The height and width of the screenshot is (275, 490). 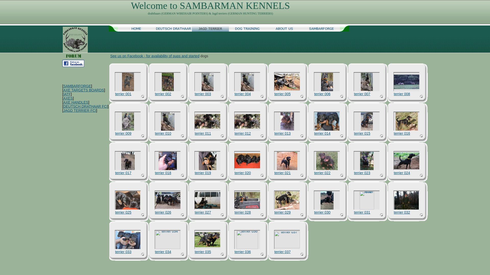 What do you see at coordinates (282, 212) in the screenshot?
I see `'terrier 029'` at bounding box center [282, 212].